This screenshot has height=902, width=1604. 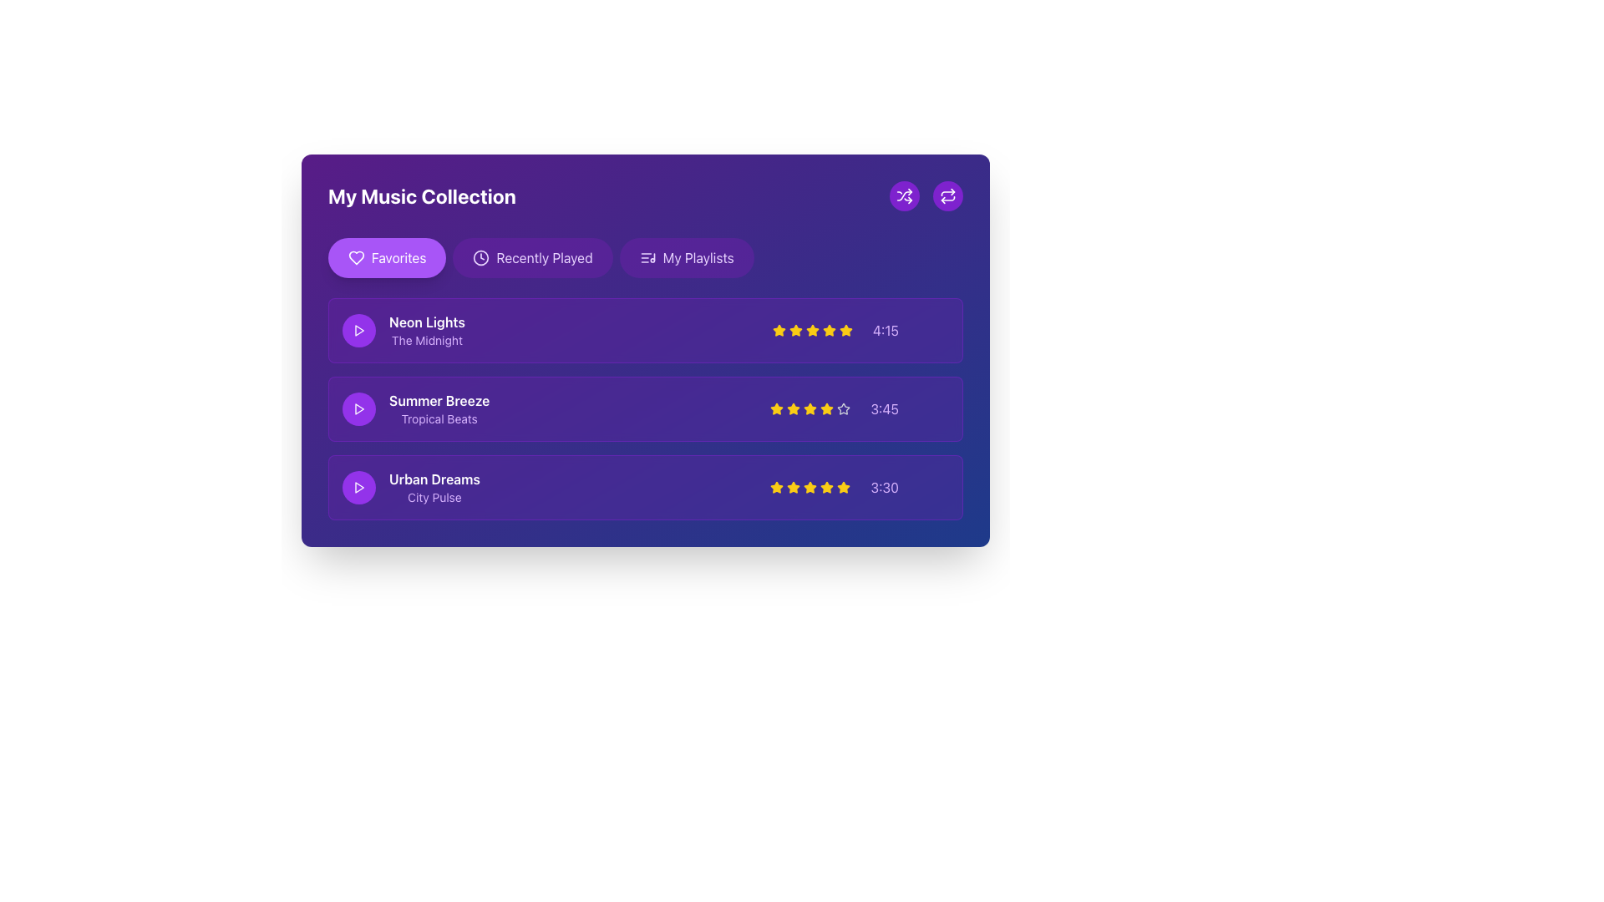 I want to click on the third star in the five-star rating display for the 'Urban Dreams' item in the music selection interface, so click(x=810, y=487).